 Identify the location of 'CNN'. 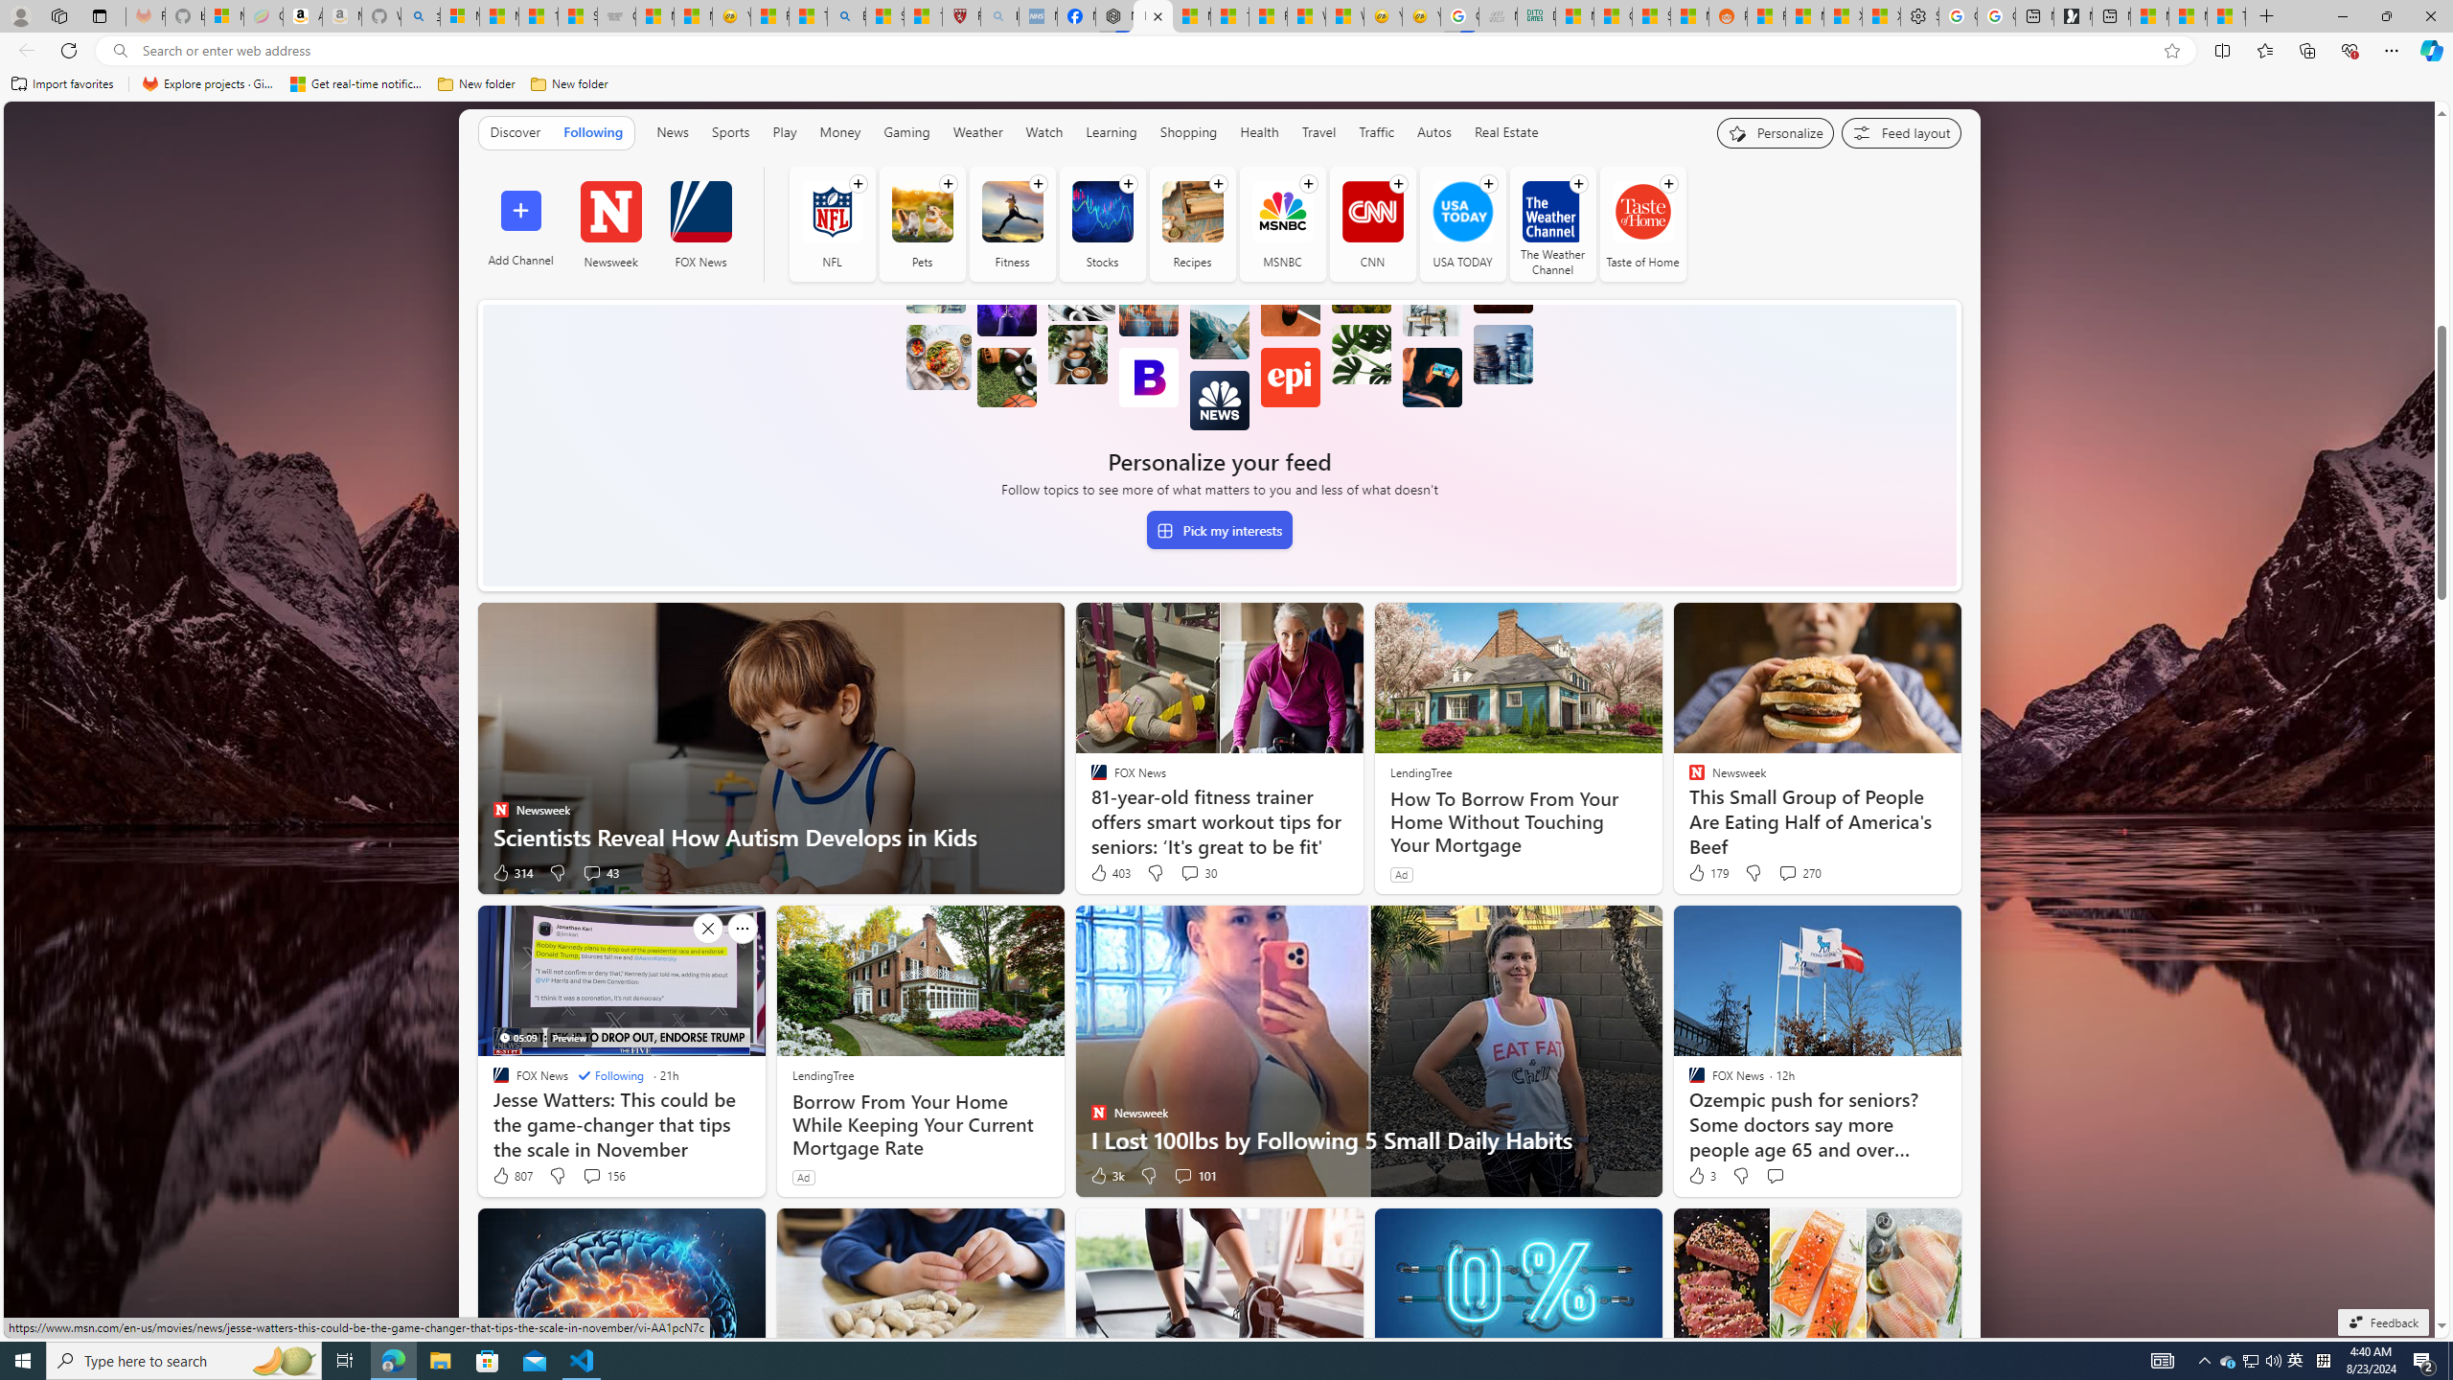
(1371, 223).